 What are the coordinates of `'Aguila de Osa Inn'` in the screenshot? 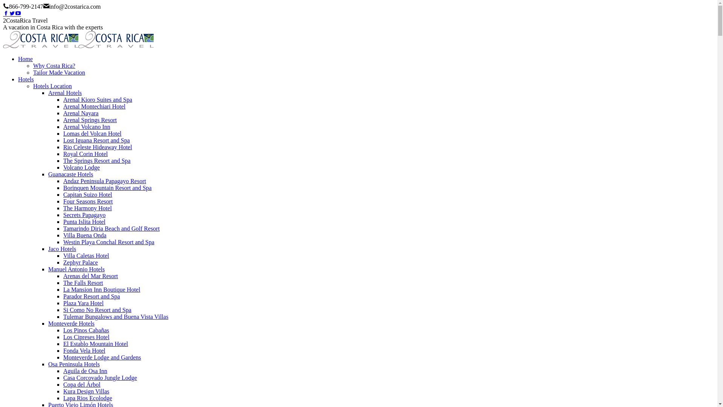 It's located at (63, 370).